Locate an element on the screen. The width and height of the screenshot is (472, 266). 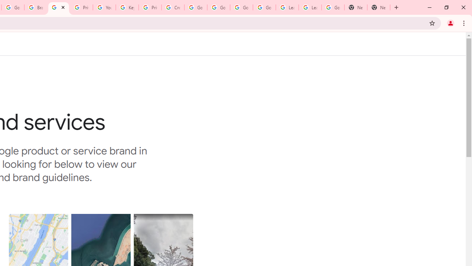
'Brand Resource Center' is located at coordinates (35, 7).